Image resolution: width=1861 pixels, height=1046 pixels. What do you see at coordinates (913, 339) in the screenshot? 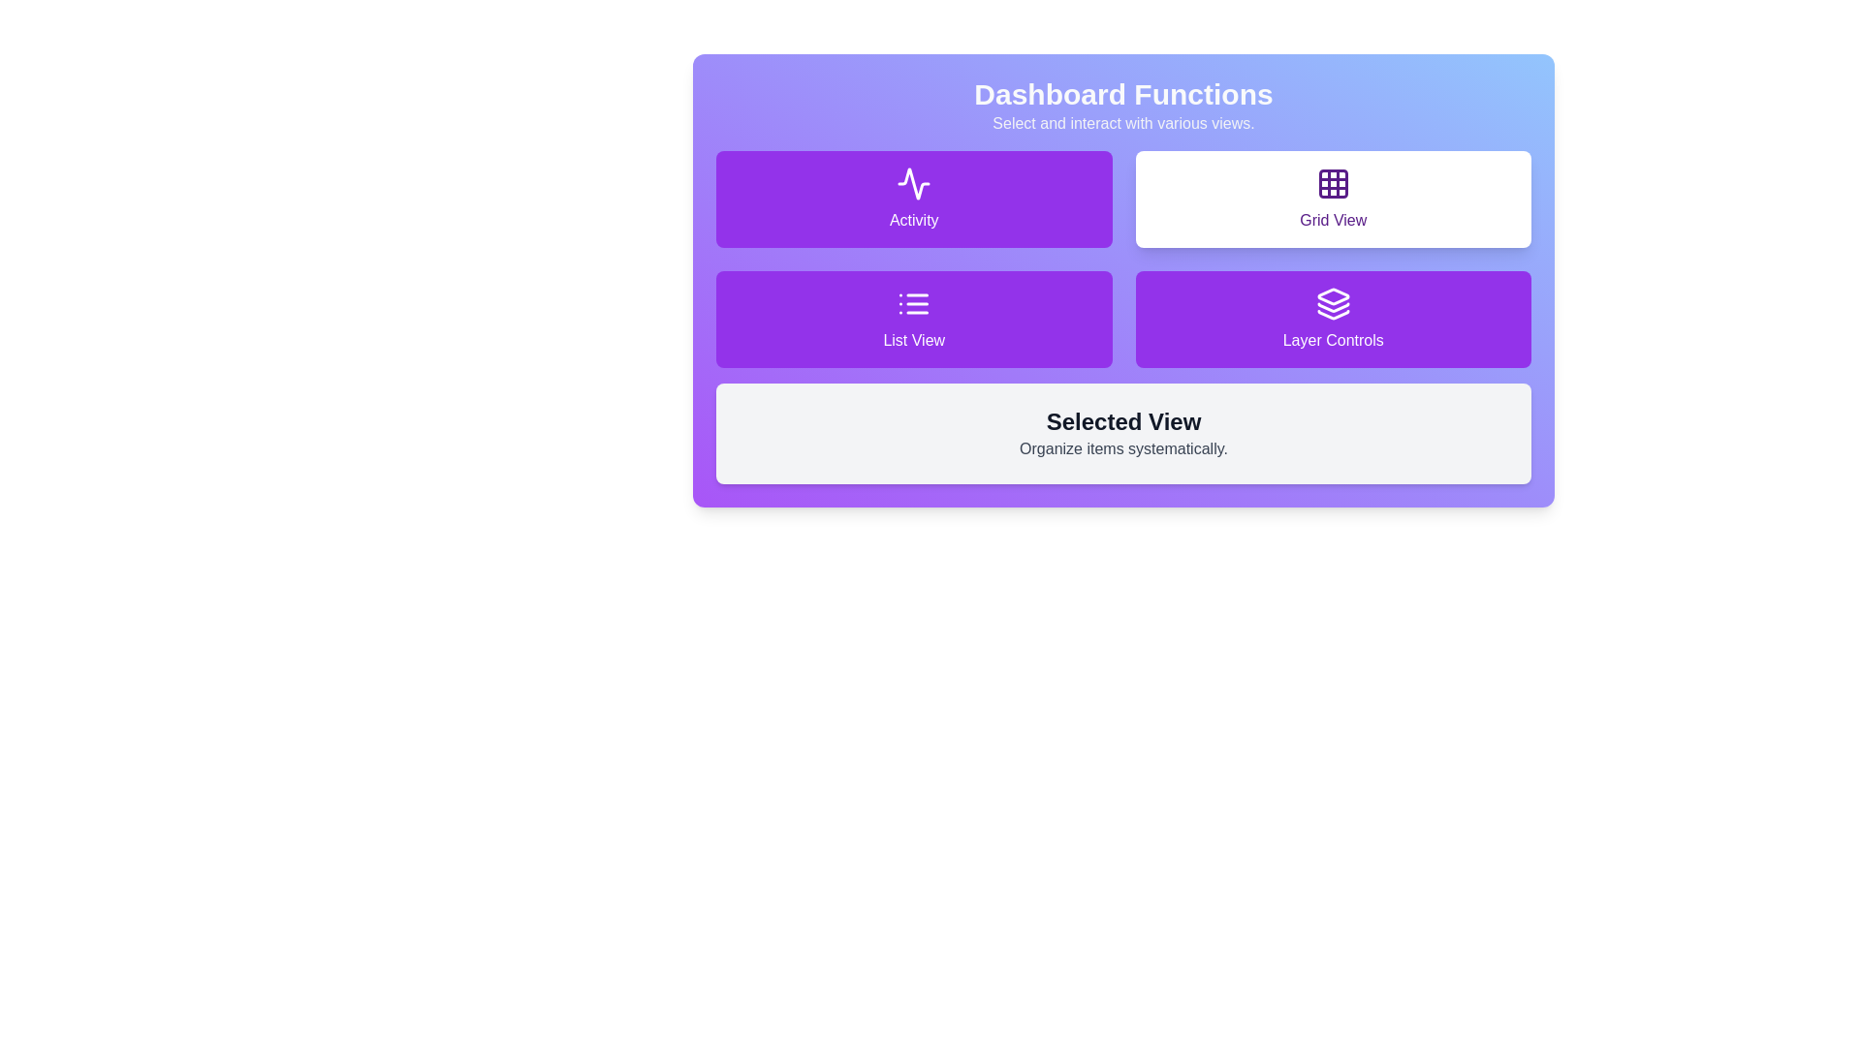
I see `text from the Label displaying 'List View', which is styled with white text on a purple background, located beneath a list icon in the second row, first column of the grid layout under the 'Dashboard Functions' section` at bounding box center [913, 339].